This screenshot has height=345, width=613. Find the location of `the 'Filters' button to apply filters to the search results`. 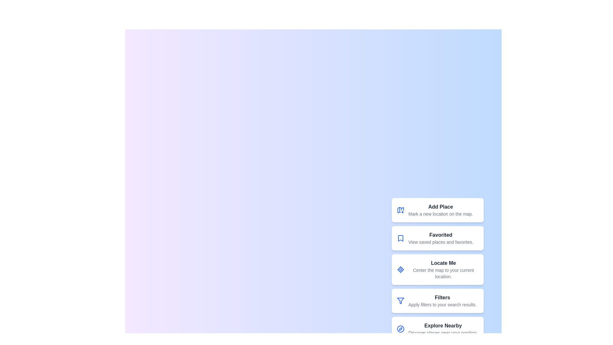

the 'Filters' button to apply filters to the search results is located at coordinates (442, 301).